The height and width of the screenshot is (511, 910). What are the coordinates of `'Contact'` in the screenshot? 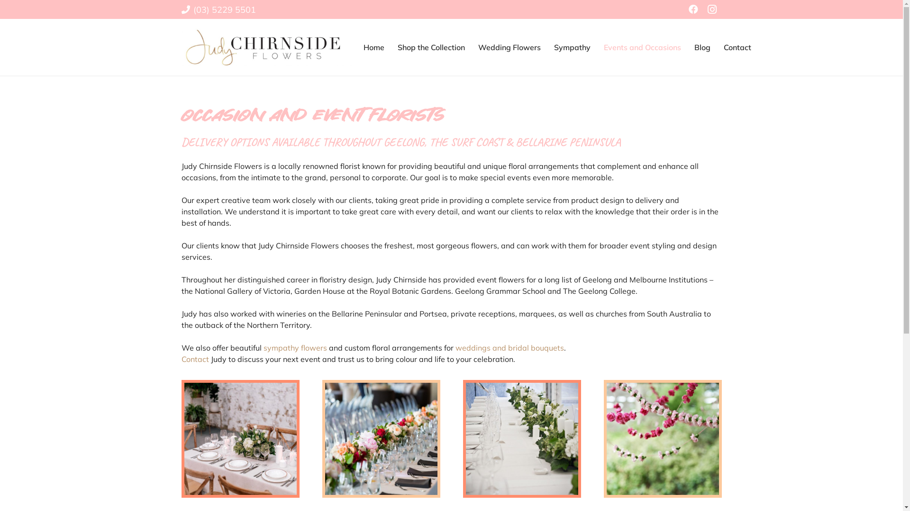 It's located at (194, 359).